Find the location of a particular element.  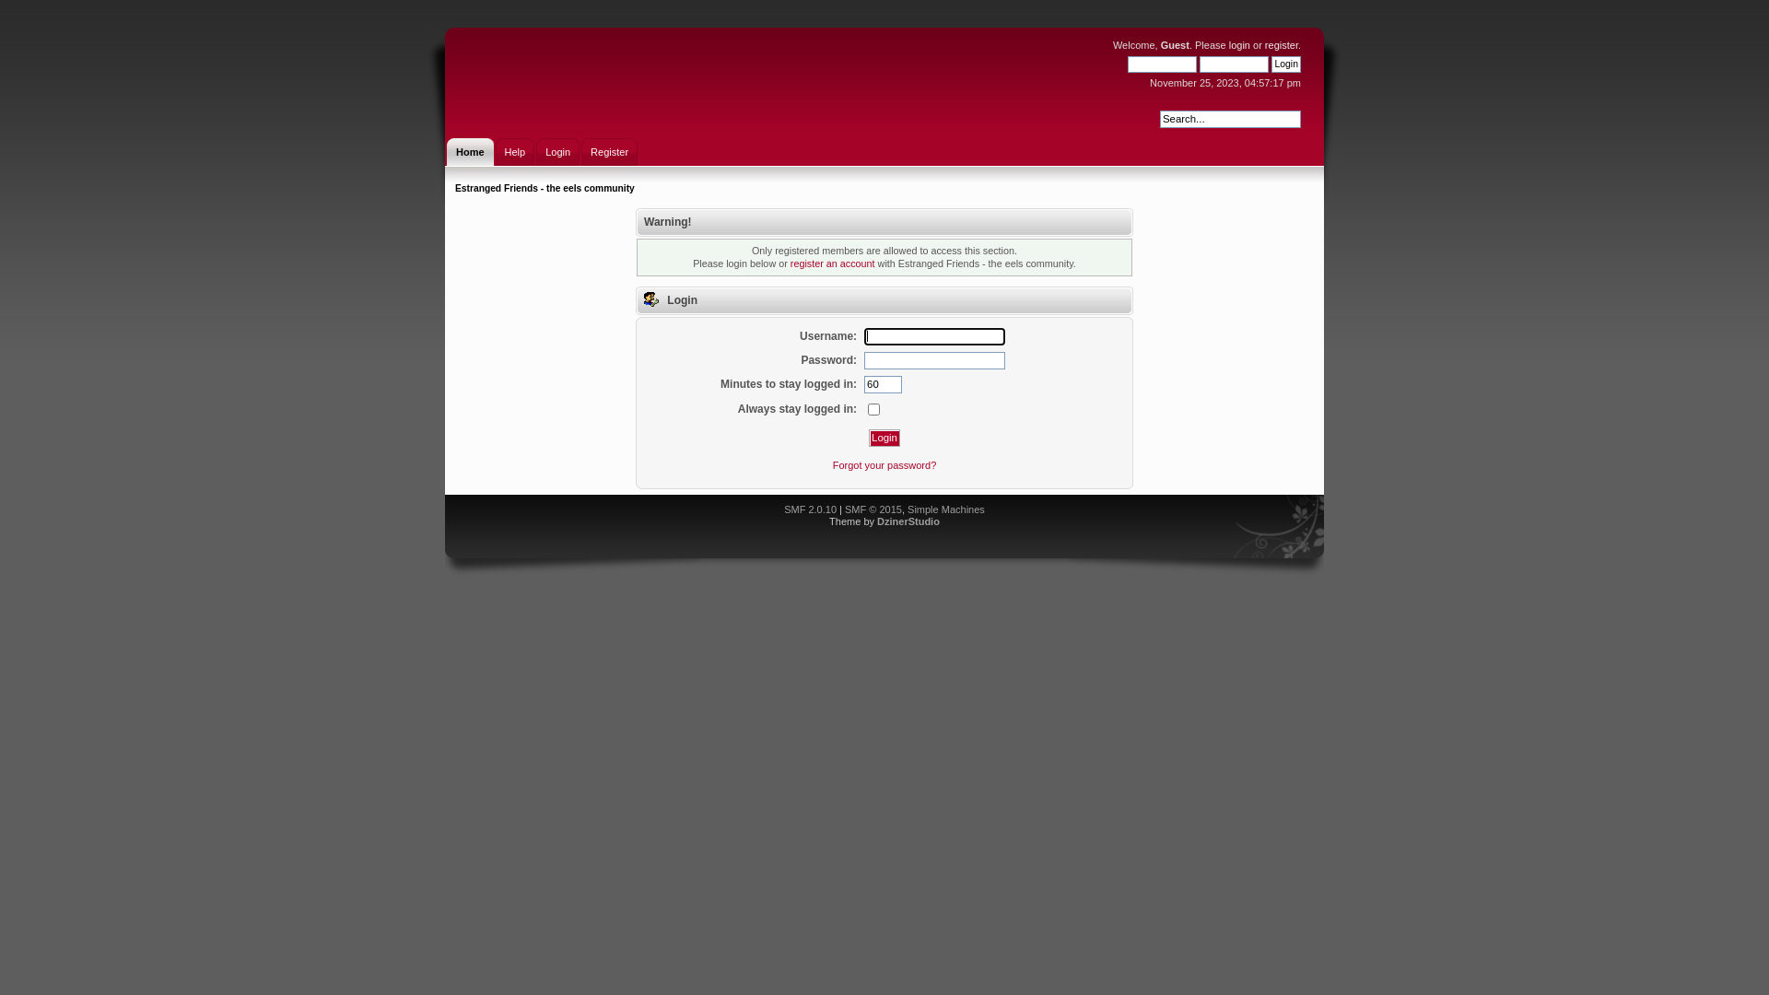

'SMF 2.0.10' is located at coordinates (783, 509).